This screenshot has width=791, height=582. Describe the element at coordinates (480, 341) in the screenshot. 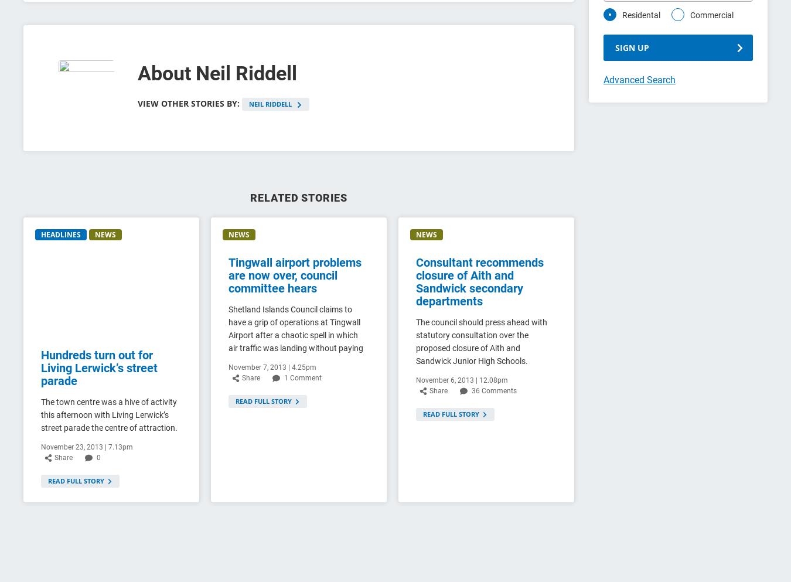

I see `'The council should press ahead with statutory consultation over the proposed closure of Aith and Sandwick Junior High Schools.'` at that location.